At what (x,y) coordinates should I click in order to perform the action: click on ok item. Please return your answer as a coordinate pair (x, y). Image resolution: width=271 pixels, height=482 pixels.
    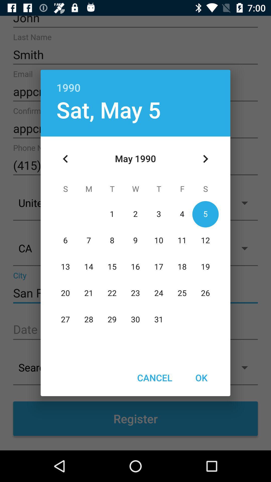
    Looking at the image, I should click on (201, 378).